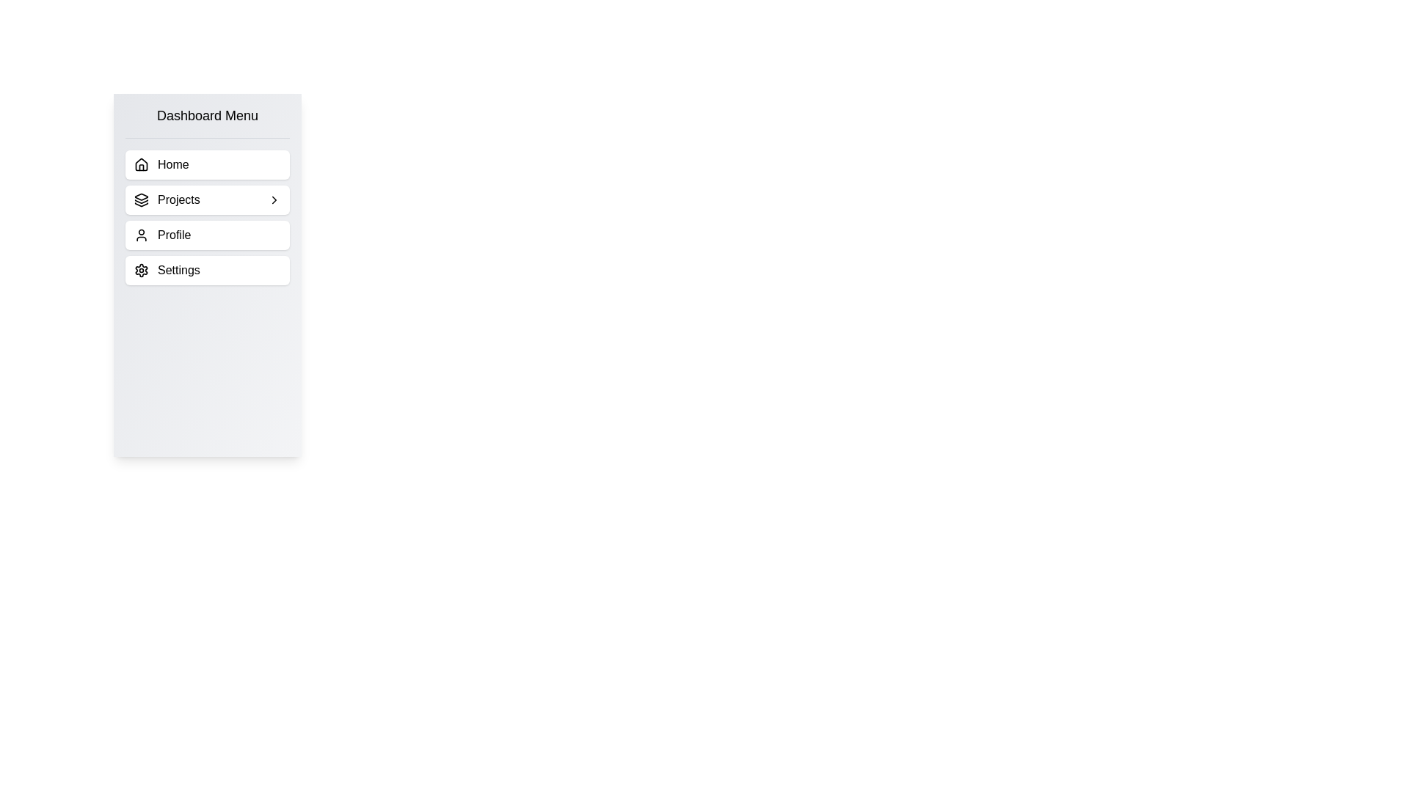 The width and height of the screenshot is (1409, 792). I want to click on the 'Settings' navigation menu item, which is represented by a gear icon and is the last item in the Dashboard Menu, so click(167, 271).